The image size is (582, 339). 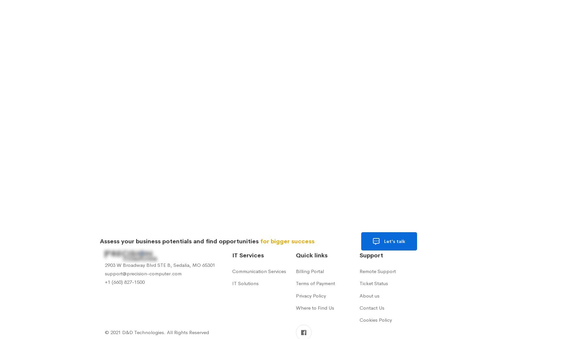 What do you see at coordinates (165, 149) in the screenshot?
I see `'Obtaining further information by'` at bounding box center [165, 149].